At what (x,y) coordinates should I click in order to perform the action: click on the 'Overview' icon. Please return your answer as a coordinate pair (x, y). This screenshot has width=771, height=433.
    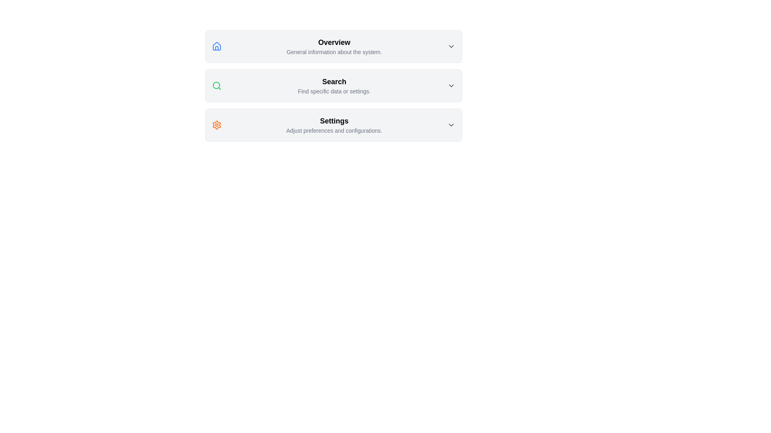
    Looking at the image, I should click on (216, 46).